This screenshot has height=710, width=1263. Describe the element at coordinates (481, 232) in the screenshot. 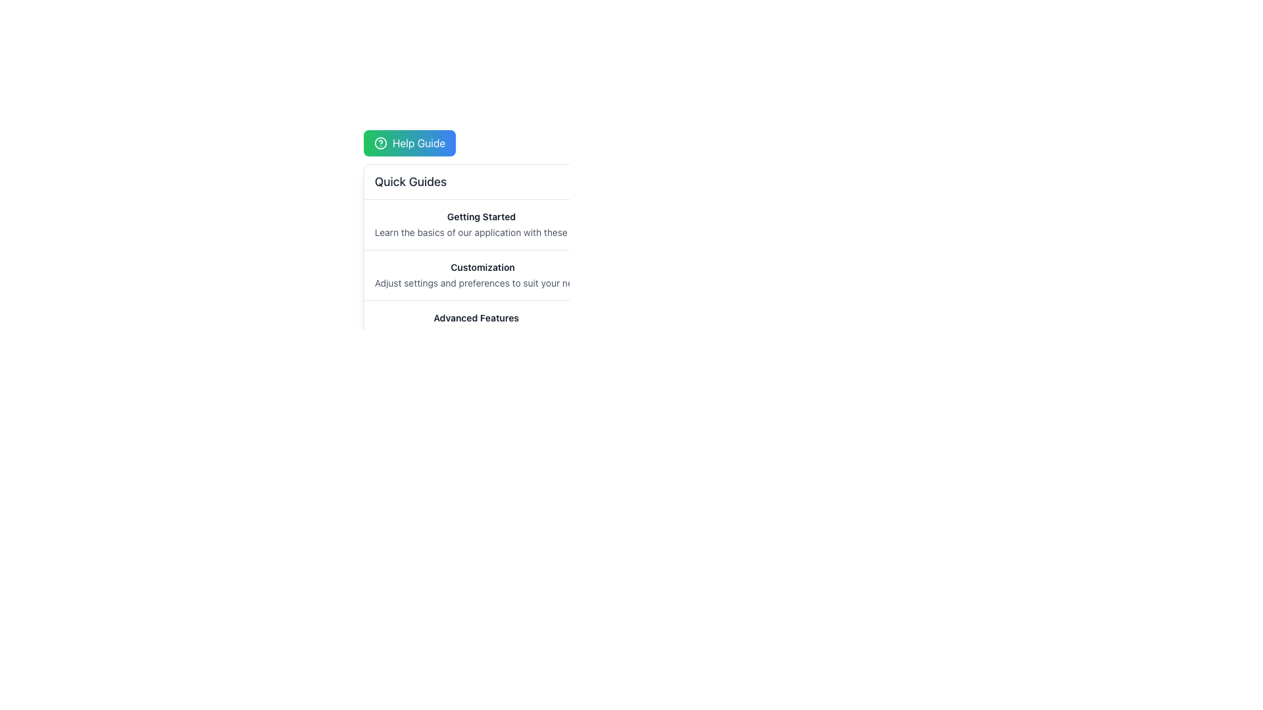

I see `the text label element that states 'Learn the basics of our application with these tips.' positioned below the 'Getting Started' title in the 'Quick Guides' section` at that location.